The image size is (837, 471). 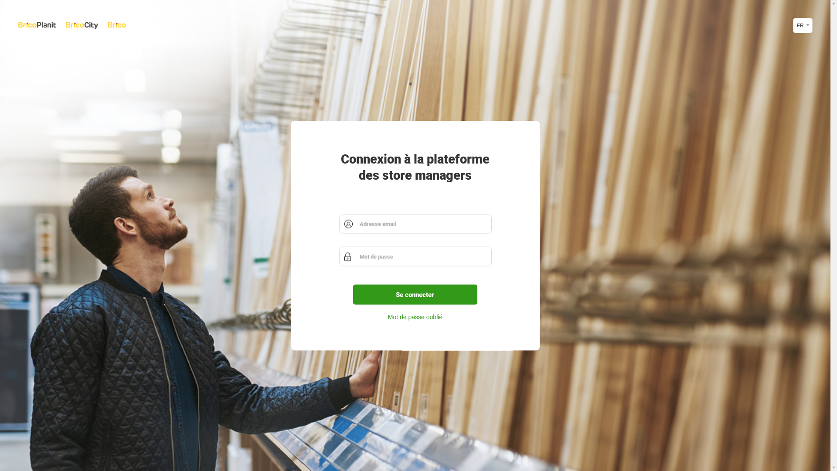 I want to click on 'Se connecter', so click(x=415, y=294).